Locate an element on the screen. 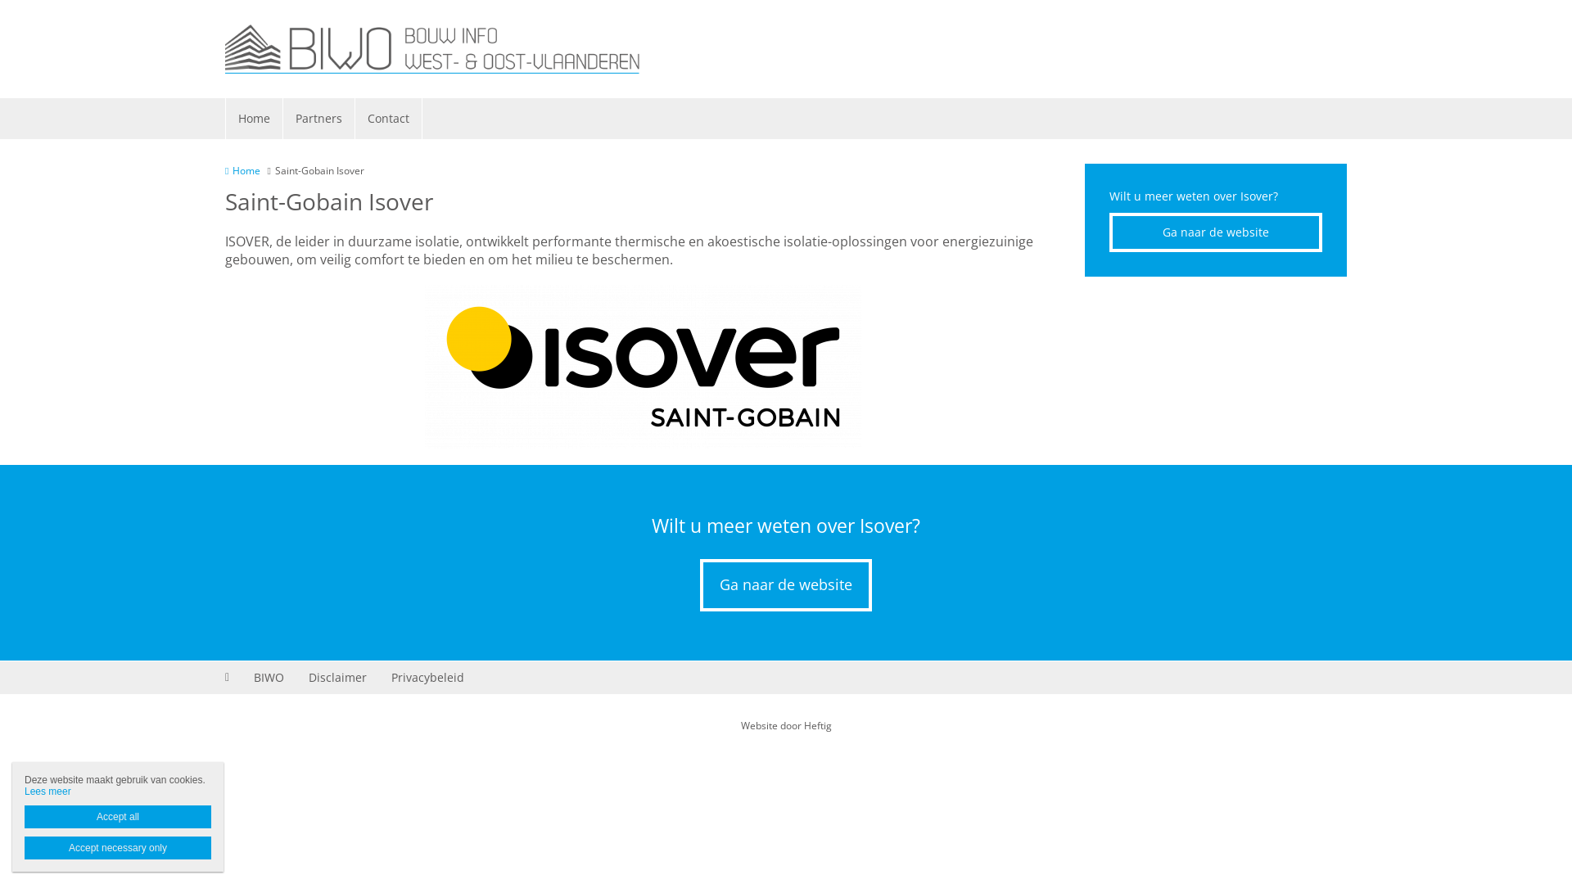  'Partners' is located at coordinates (318, 118).